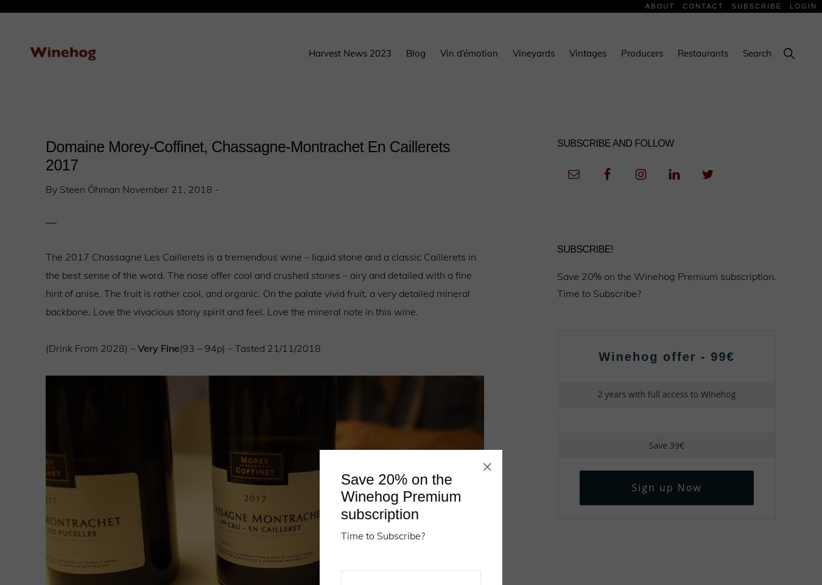 This screenshot has height=585, width=822. What do you see at coordinates (659, 5) in the screenshot?
I see `'About'` at bounding box center [659, 5].